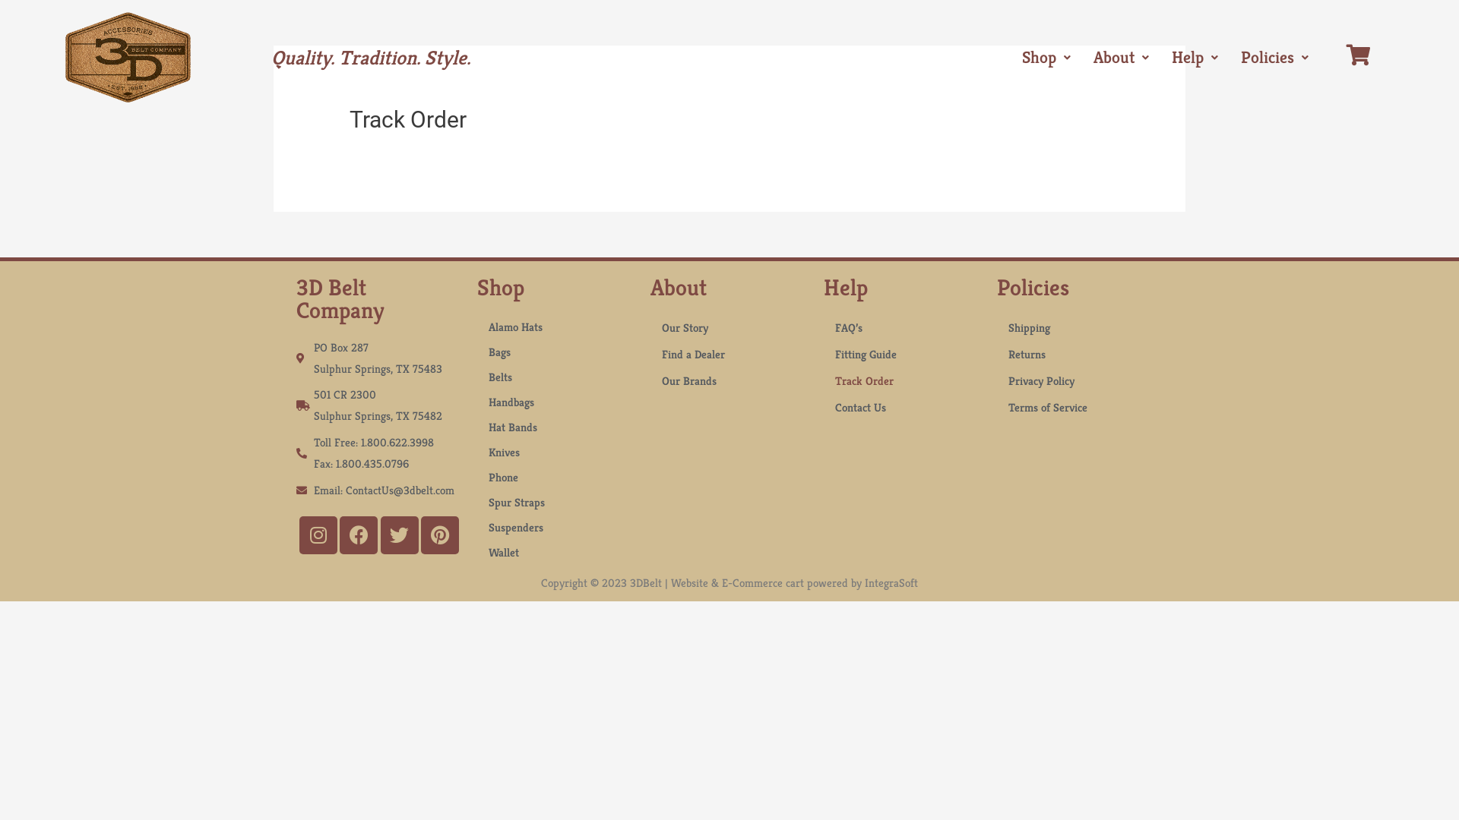 Image resolution: width=1459 pixels, height=820 pixels. I want to click on 'Fitting Guide', so click(903, 354).